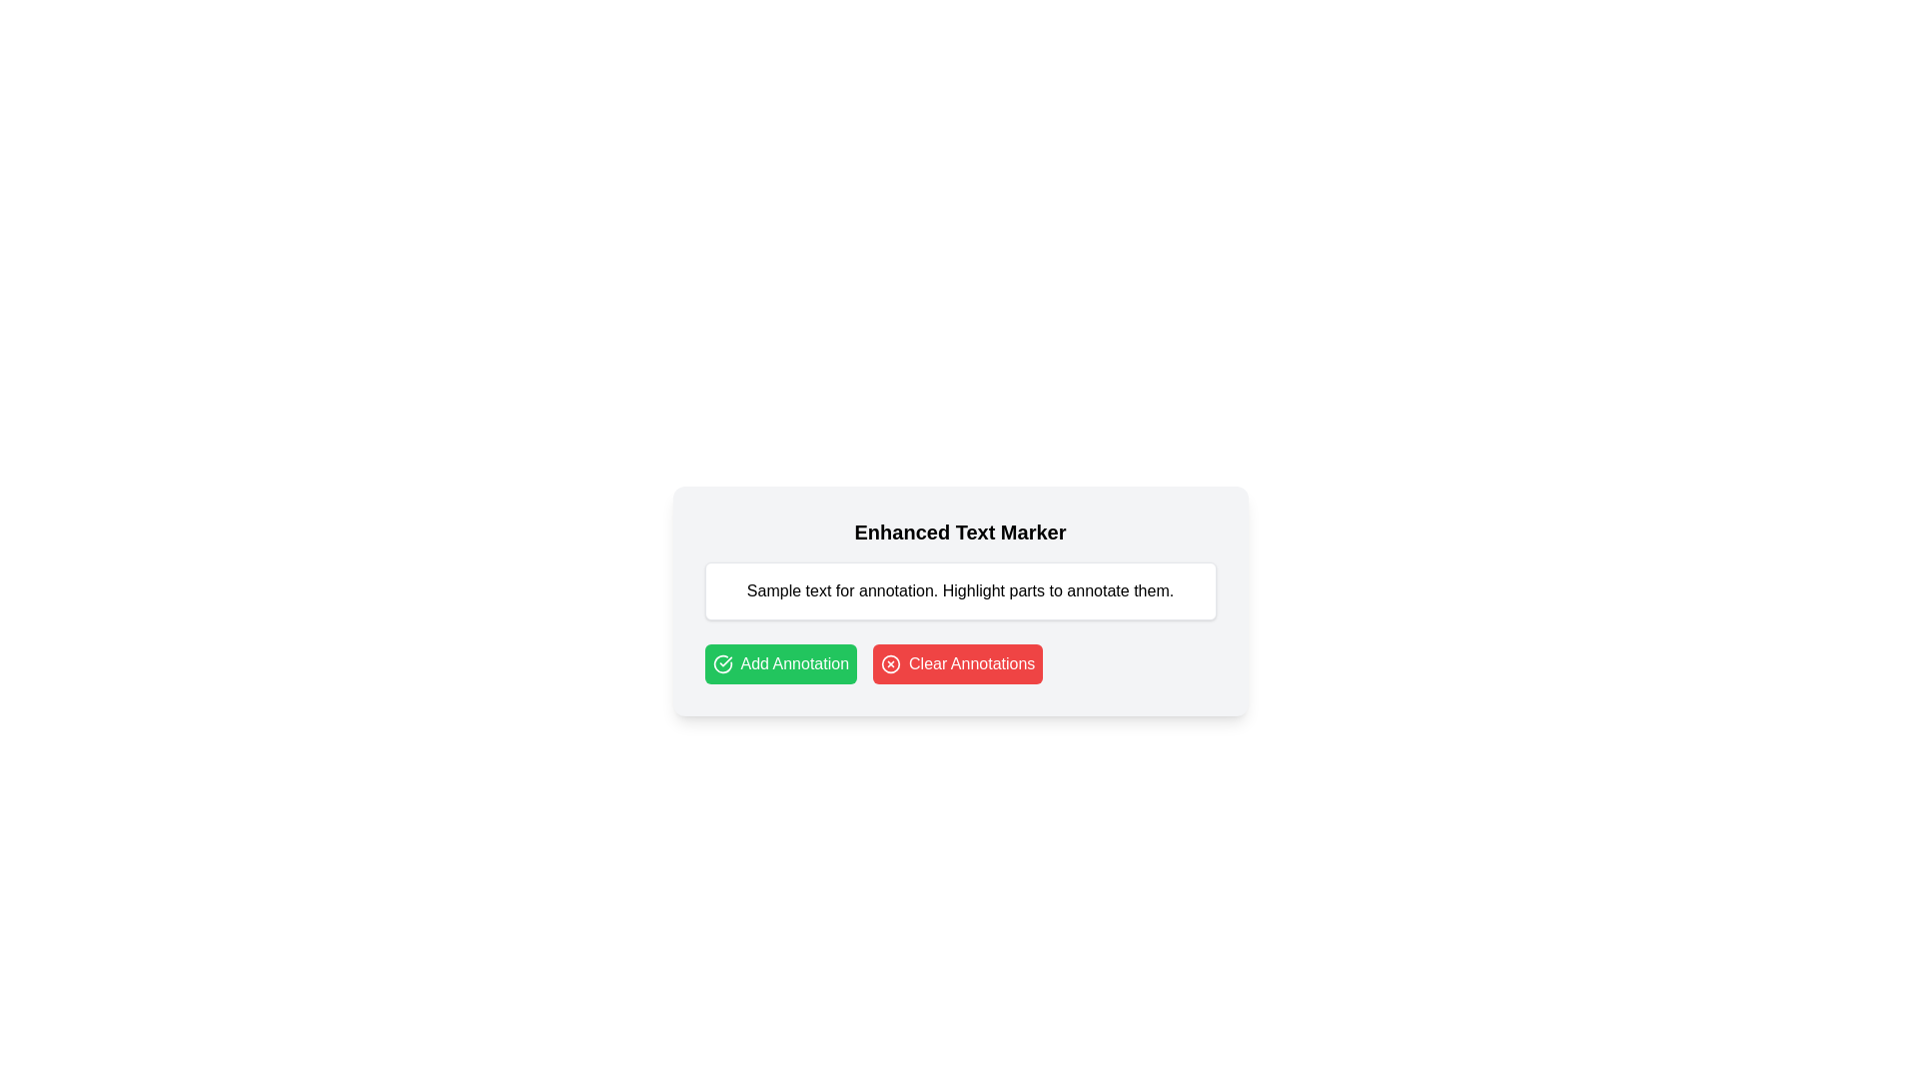  Describe the element at coordinates (902, 589) in the screenshot. I see `the second 'a' in the word 'annotation' within the text block that reads 'Sample text for annotation. Highlight parts to annotate them.'` at that location.